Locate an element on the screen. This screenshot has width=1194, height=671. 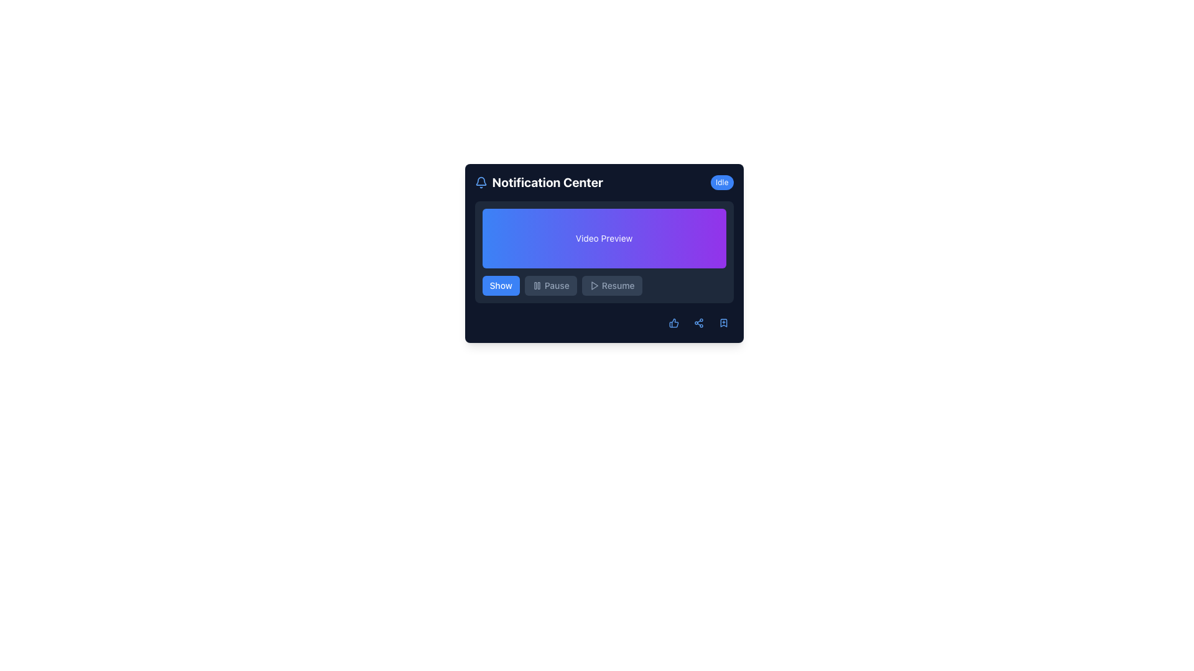
the non-interactive bookmark indicator icon located at the bottom-right corner of the interface, which is the third icon in the row from the right is located at coordinates (723, 322).